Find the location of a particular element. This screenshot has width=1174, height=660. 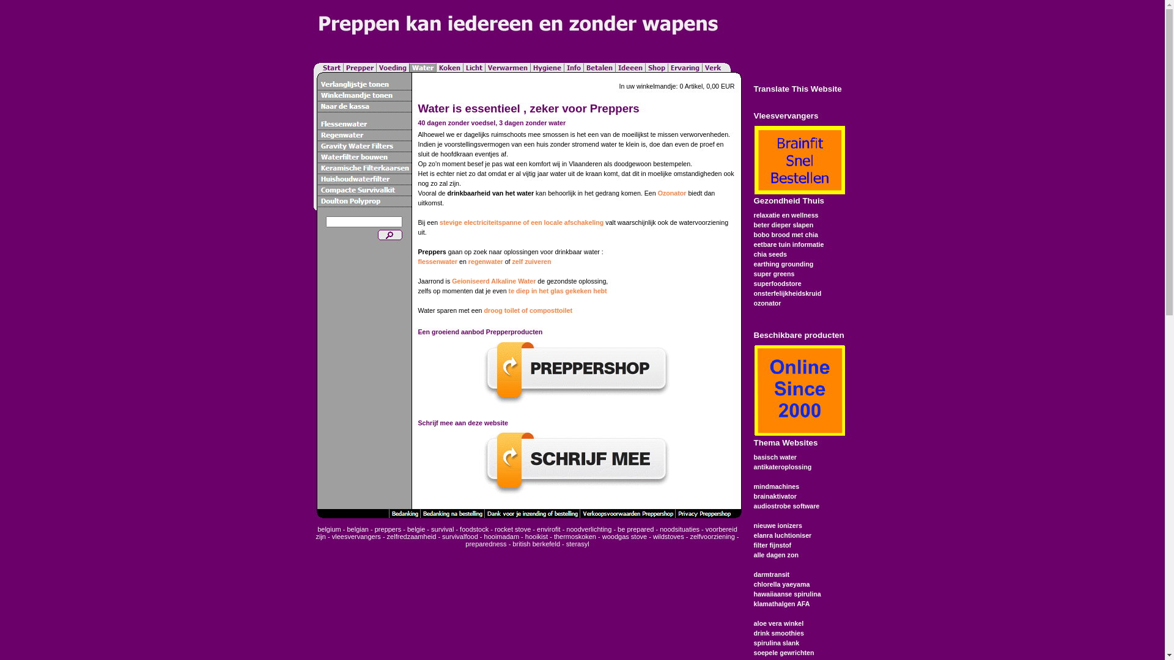

'basisch water' is located at coordinates (774, 457).